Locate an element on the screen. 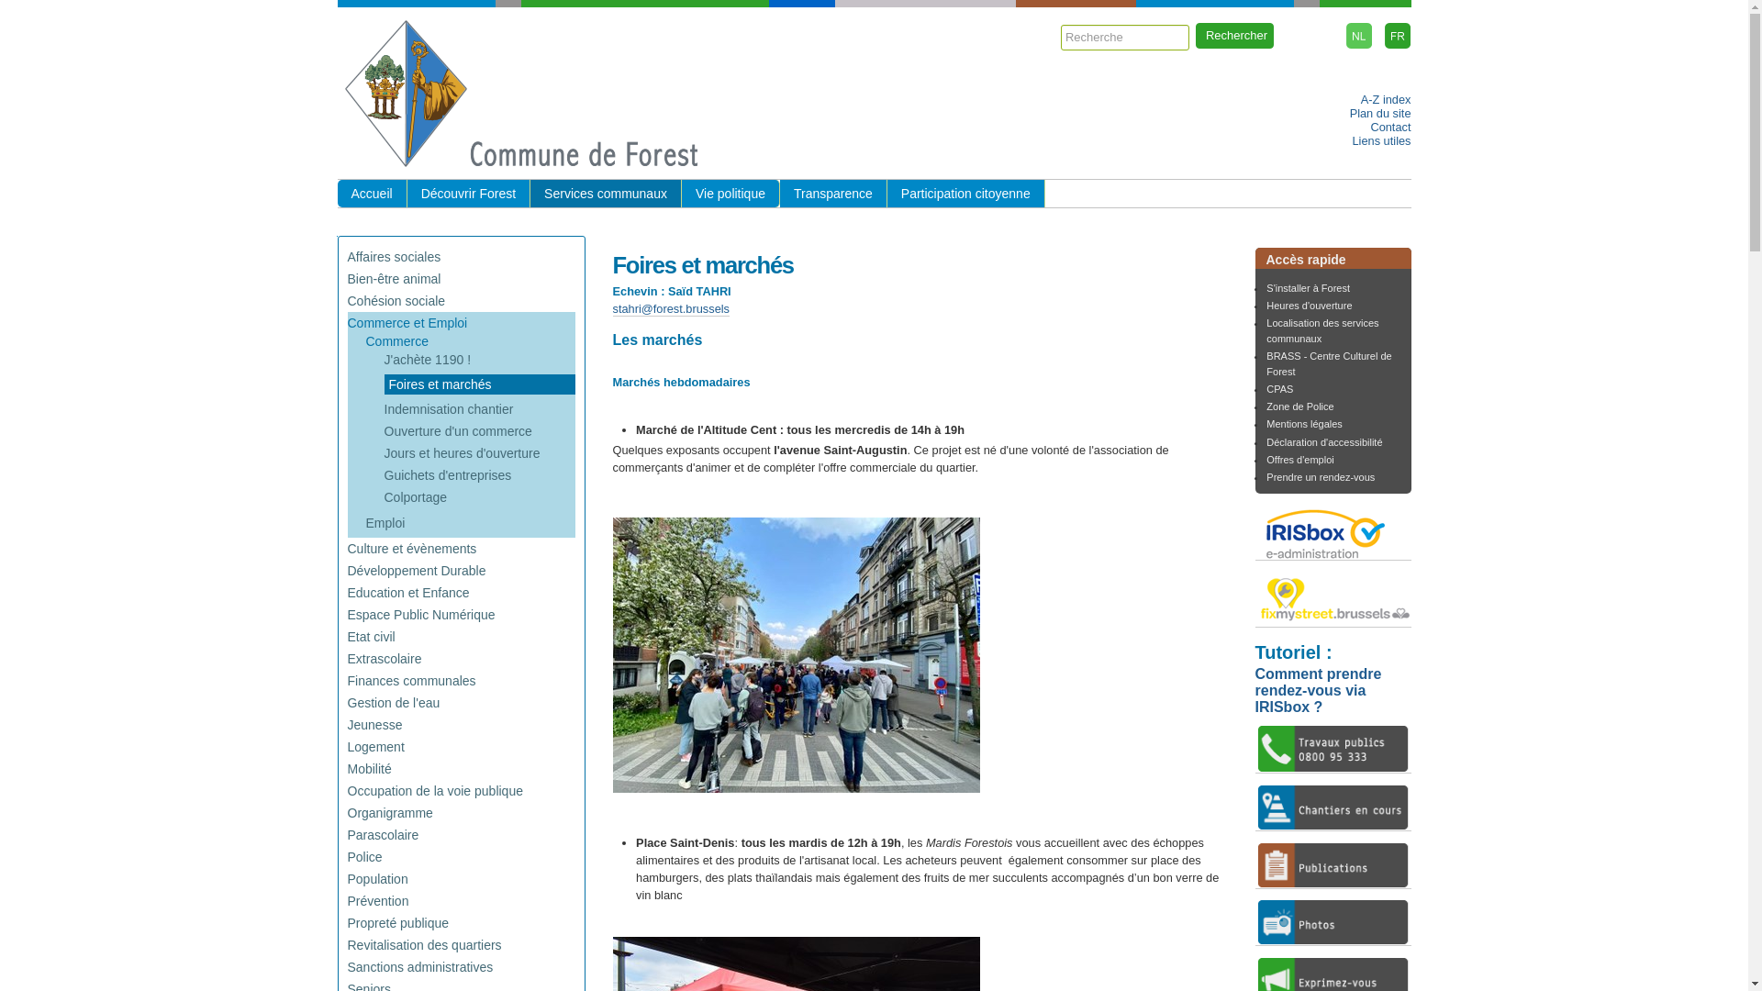 Image resolution: width=1762 pixels, height=991 pixels. 'Population' is located at coordinates (376, 877).